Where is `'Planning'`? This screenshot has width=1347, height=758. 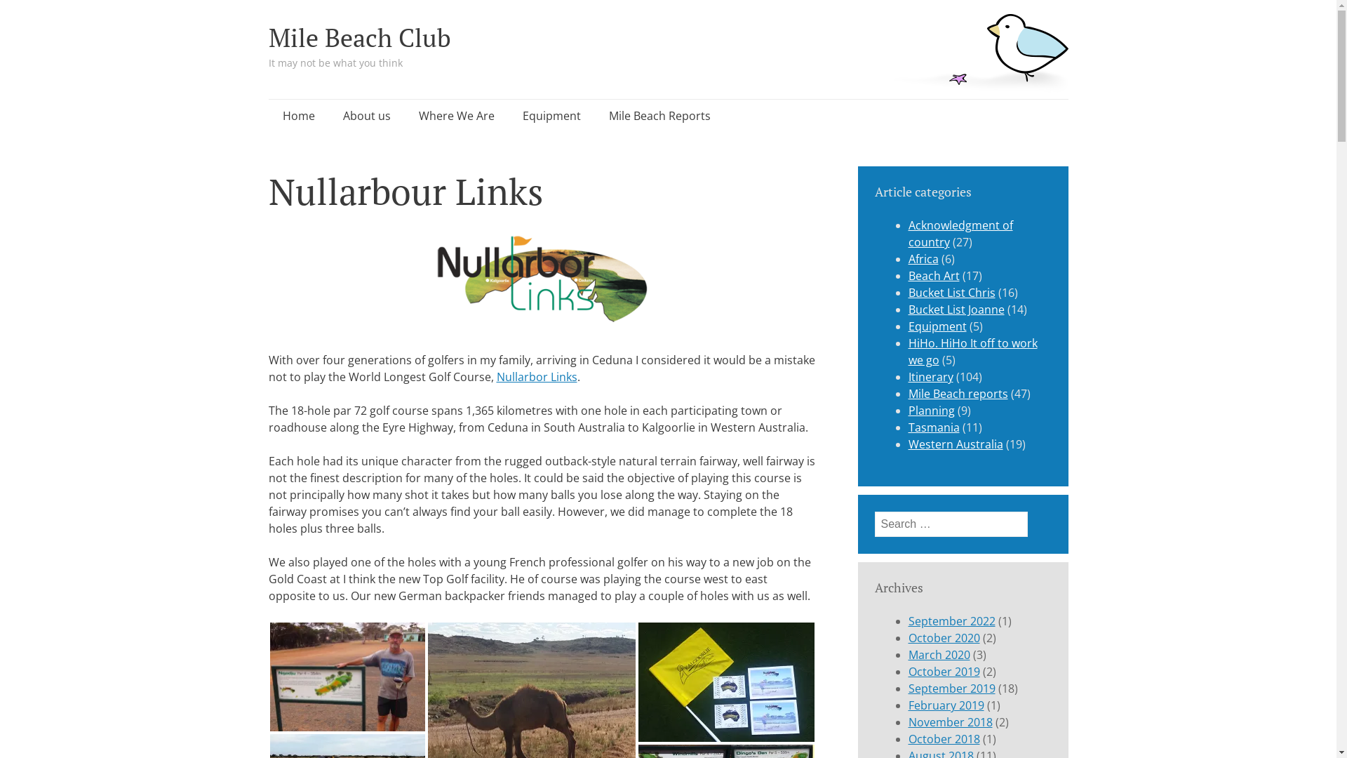 'Planning' is located at coordinates (930, 411).